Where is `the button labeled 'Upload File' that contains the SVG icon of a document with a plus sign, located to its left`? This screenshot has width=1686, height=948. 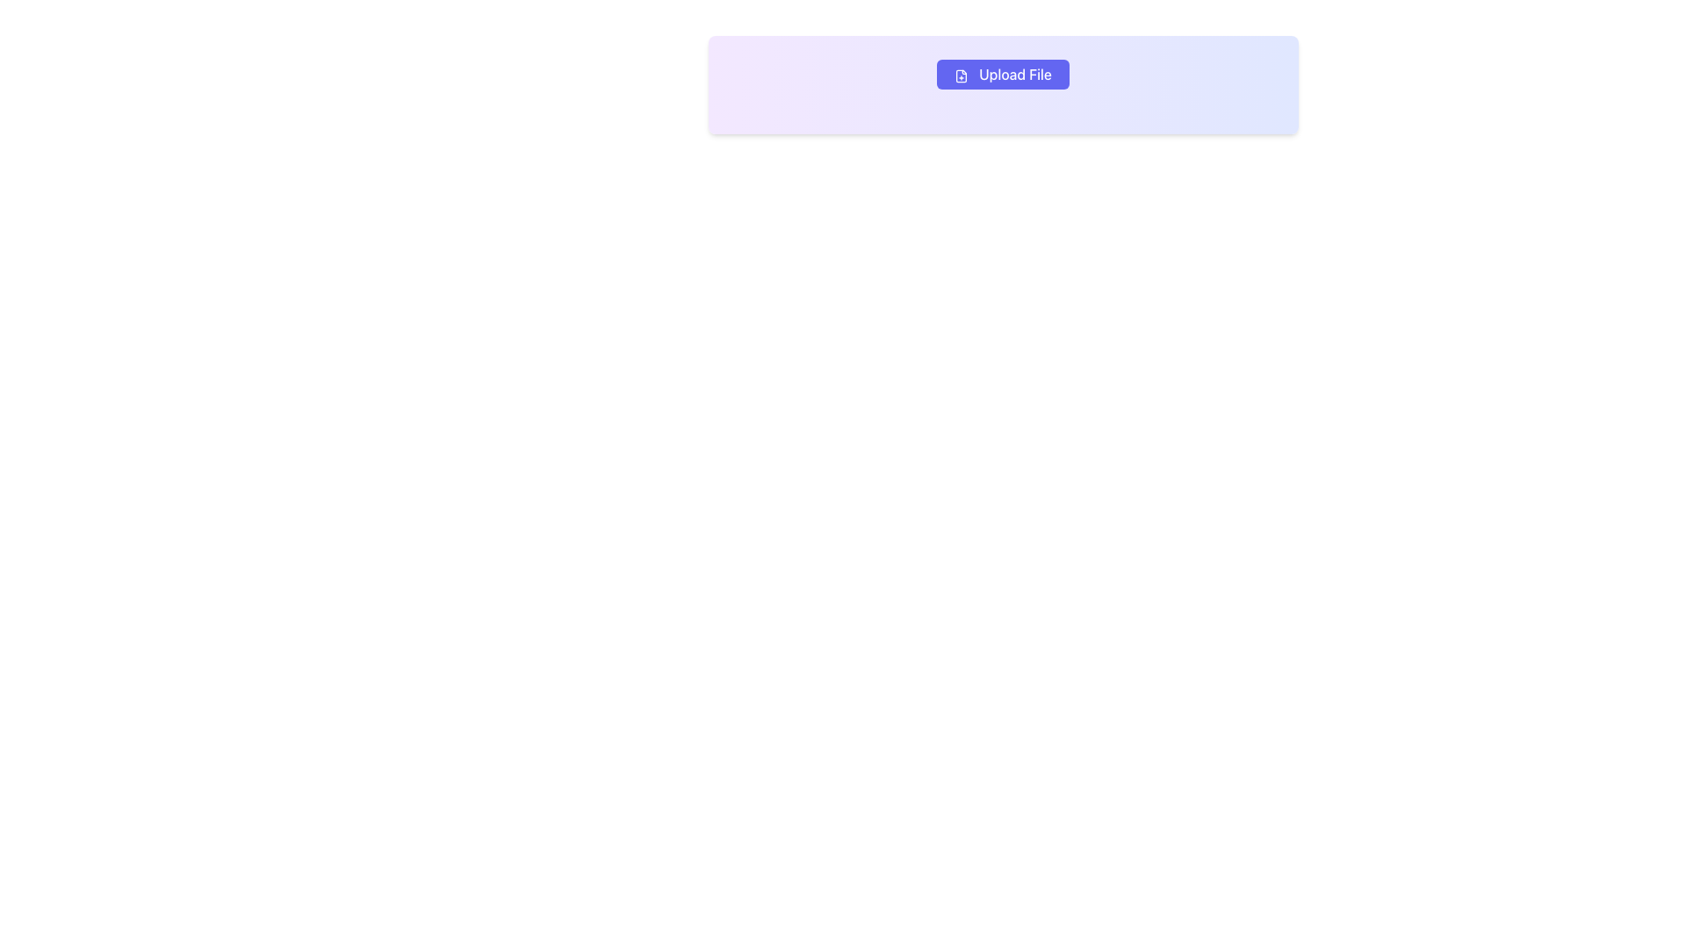 the button labeled 'Upload File' that contains the SVG icon of a document with a plus sign, located to its left is located at coordinates (961, 75).